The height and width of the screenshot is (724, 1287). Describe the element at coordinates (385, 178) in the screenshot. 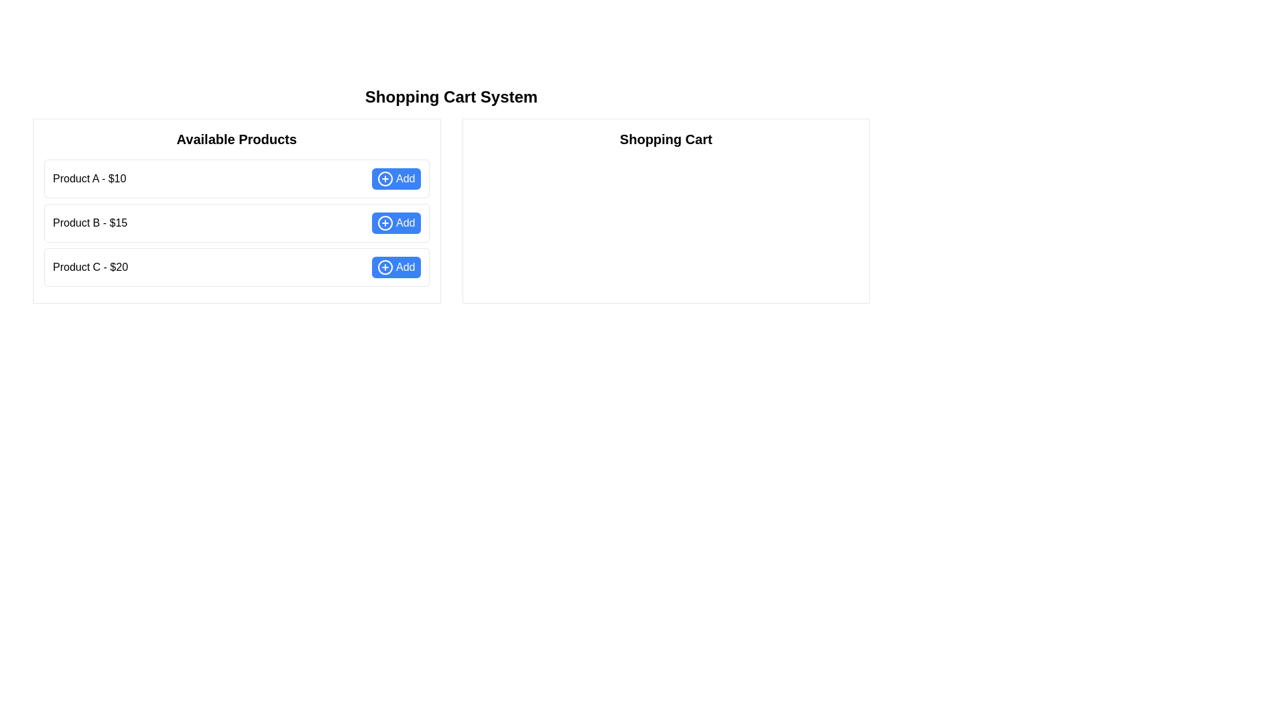

I see `the state of the addition icon located at the left end of the 'Add' button for 'Product A' in the 'Available Products' list` at that location.